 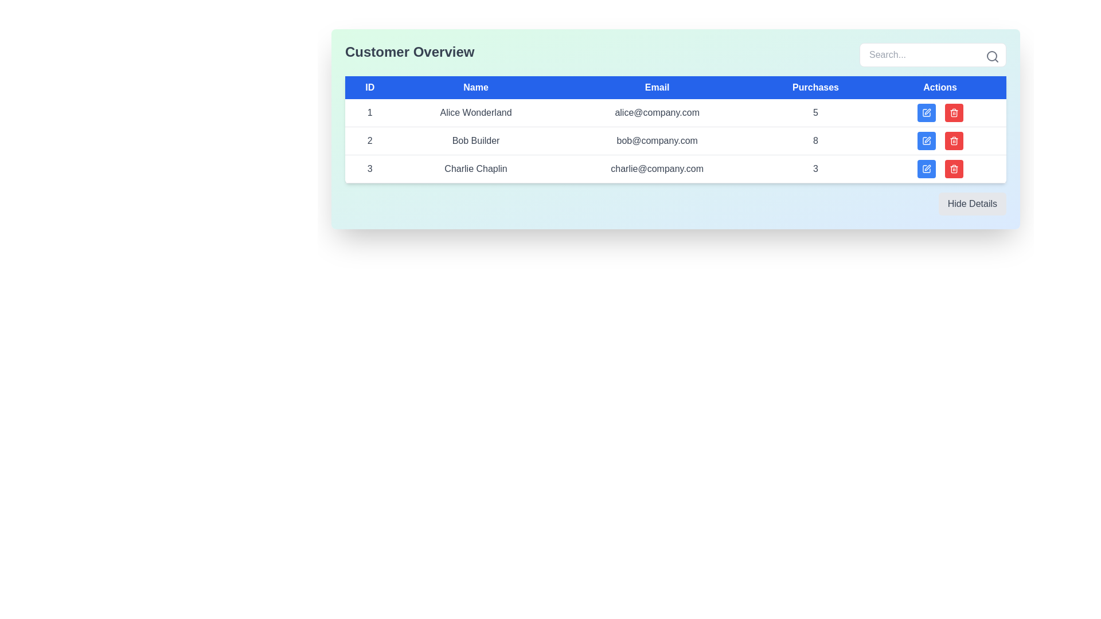 What do you see at coordinates (954, 169) in the screenshot?
I see `the red circular button containing the trash can icon in the 'Actions' column for the row corresponding to 'Bob Builder'` at bounding box center [954, 169].